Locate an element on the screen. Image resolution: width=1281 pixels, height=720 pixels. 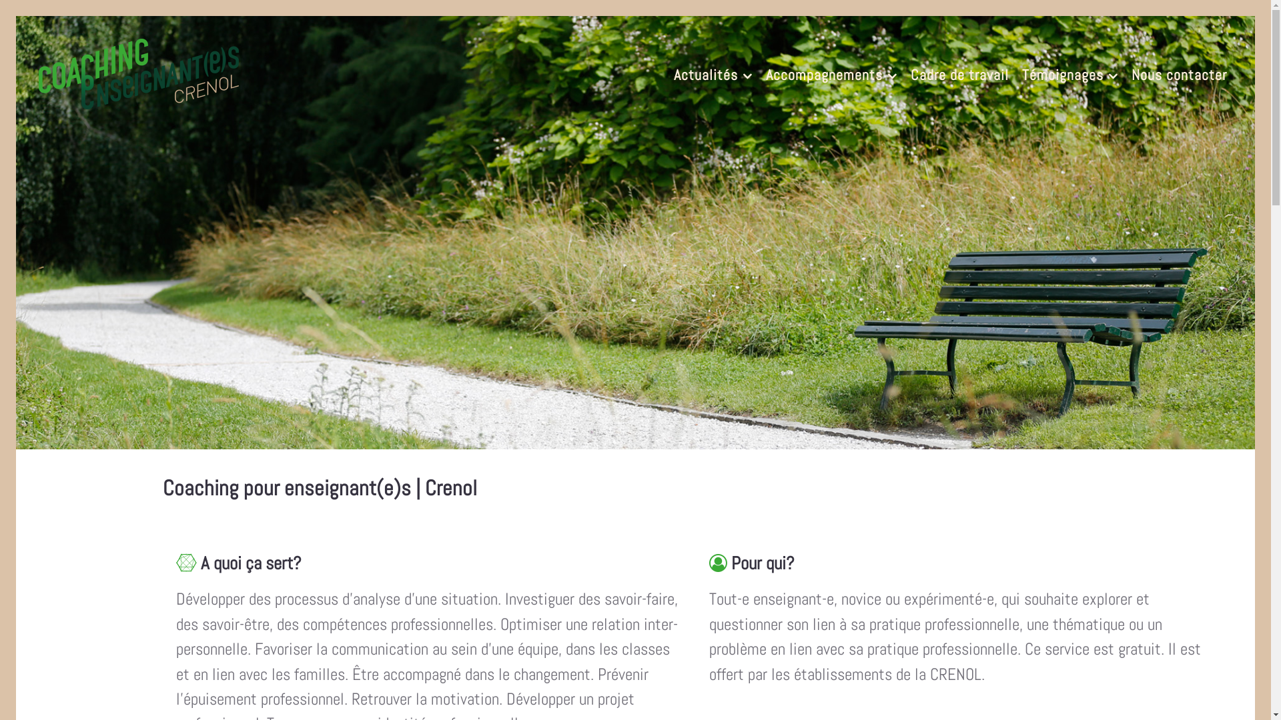
'Accompagnements' is located at coordinates (761, 74).